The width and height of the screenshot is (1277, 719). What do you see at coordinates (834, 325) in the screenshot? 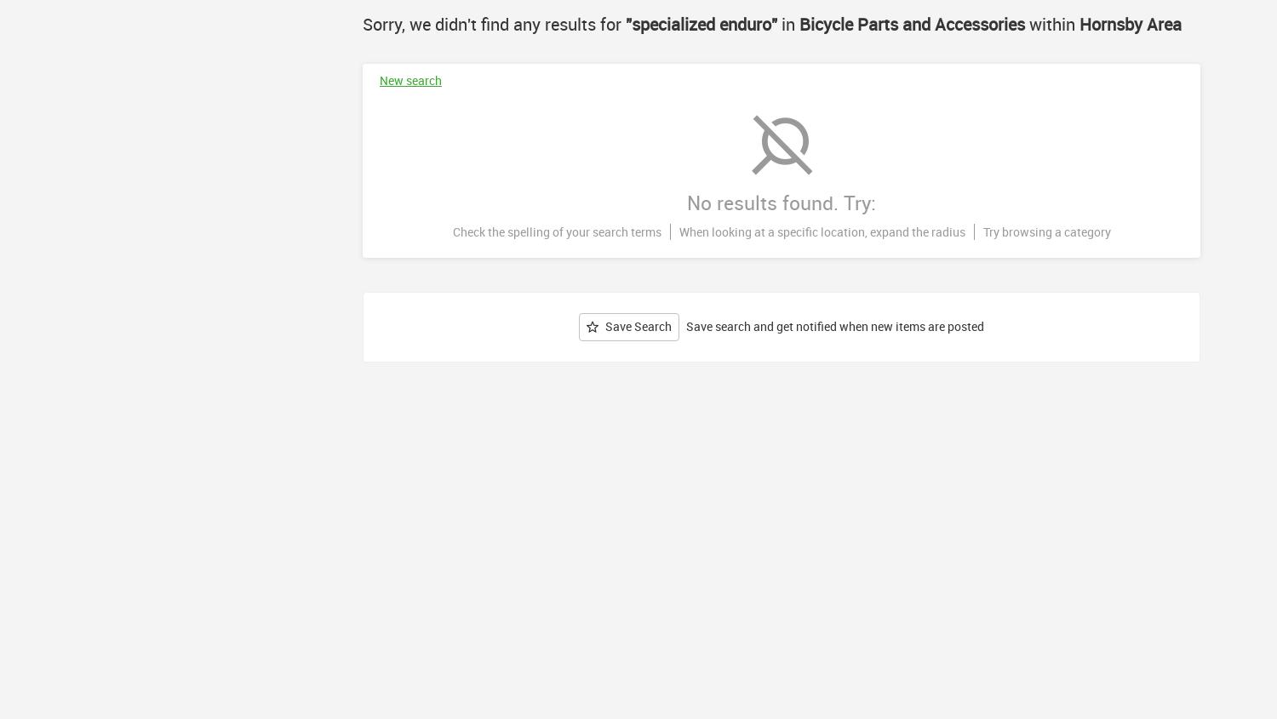
I see `'Save search and get notified when new items are posted'` at bounding box center [834, 325].